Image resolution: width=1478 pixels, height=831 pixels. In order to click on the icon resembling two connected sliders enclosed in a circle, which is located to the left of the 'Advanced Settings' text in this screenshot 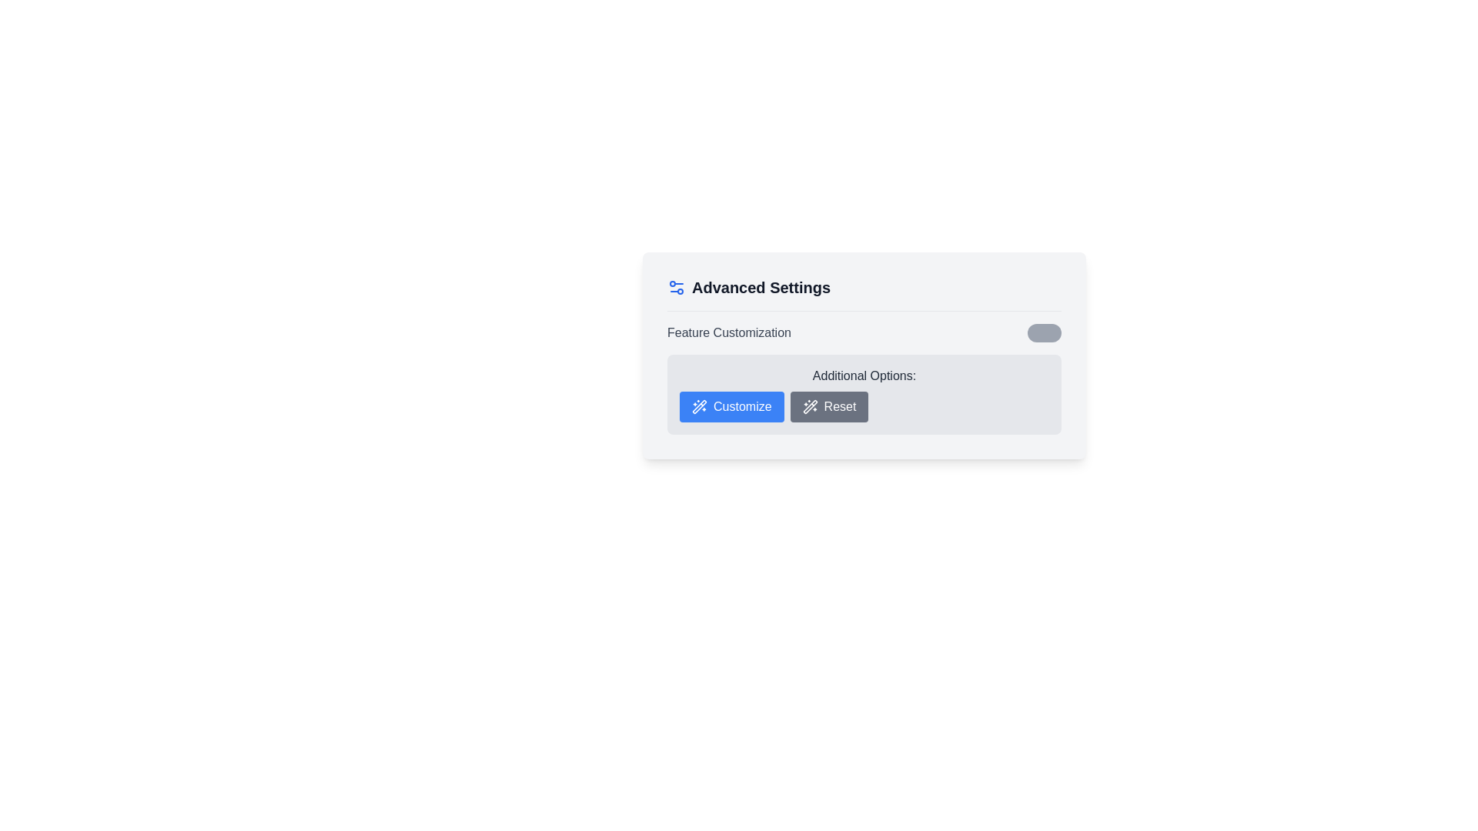, I will do `click(676, 288)`.